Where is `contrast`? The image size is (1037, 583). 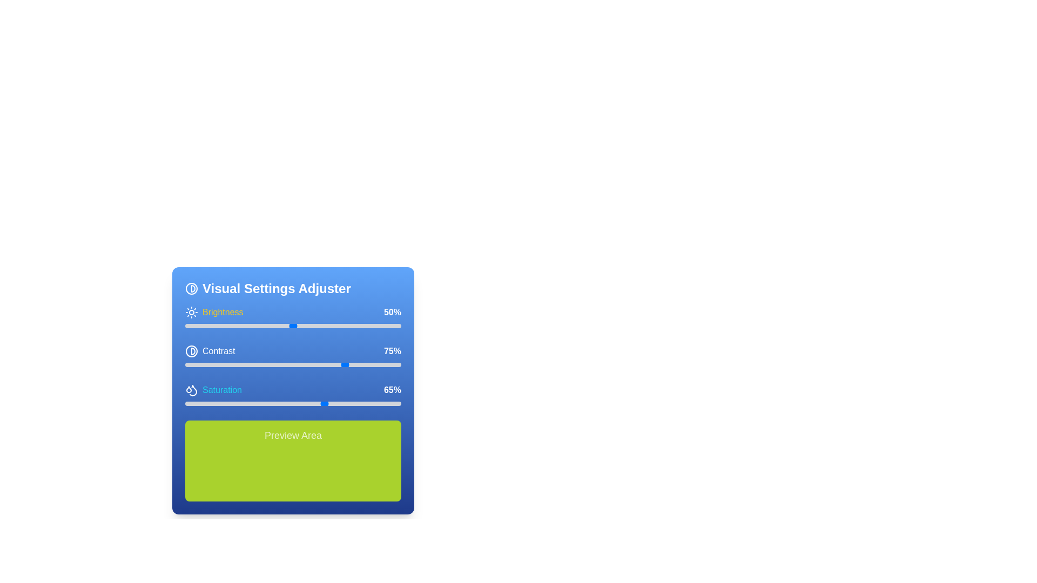
contrast is located at coordinates (386, 364).